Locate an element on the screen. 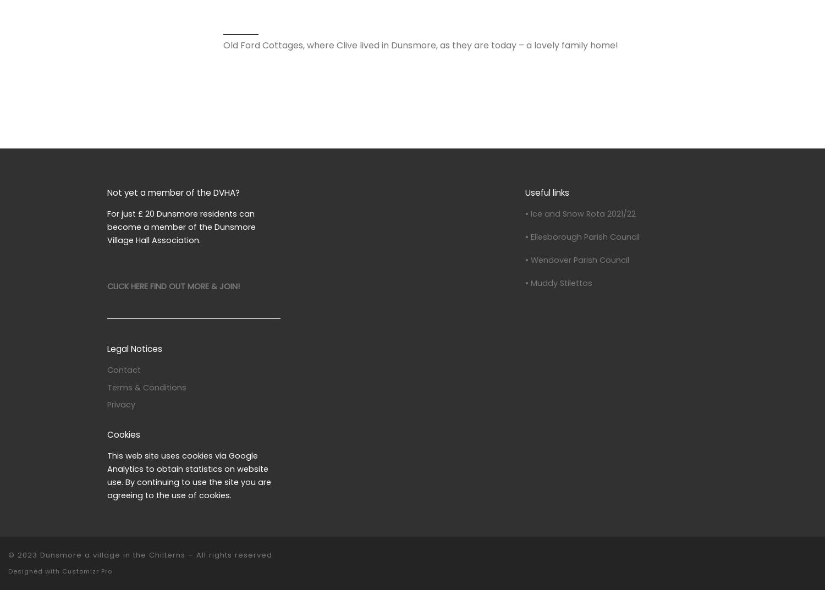 This screenshot has height=590, width=825. 'Cookies' is located at coordinates (123, 434).